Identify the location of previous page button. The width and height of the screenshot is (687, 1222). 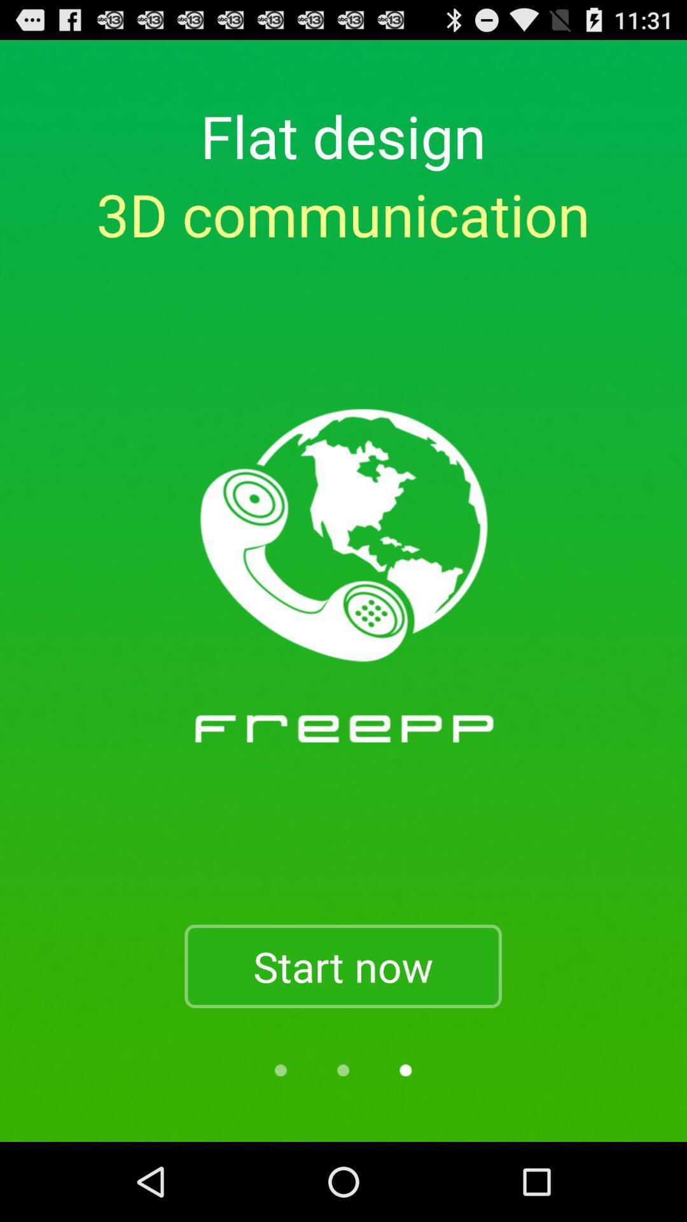
(280, 1069).